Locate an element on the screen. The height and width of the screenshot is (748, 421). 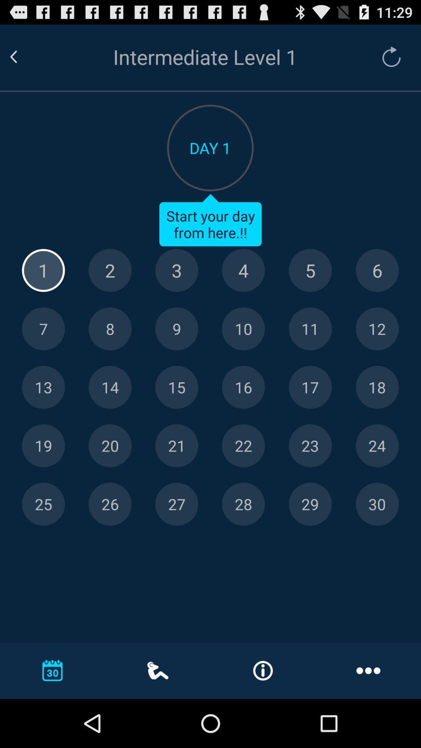
the navigation icon is located at coordinates (310, 414).